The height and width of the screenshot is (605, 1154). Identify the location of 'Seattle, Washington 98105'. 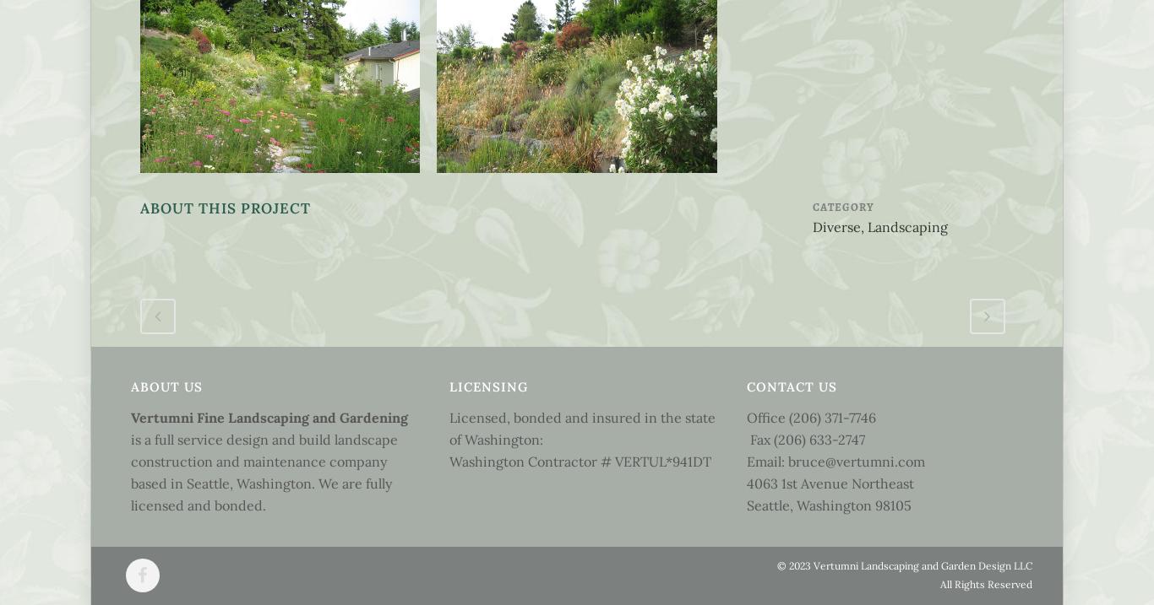
(829, 504).